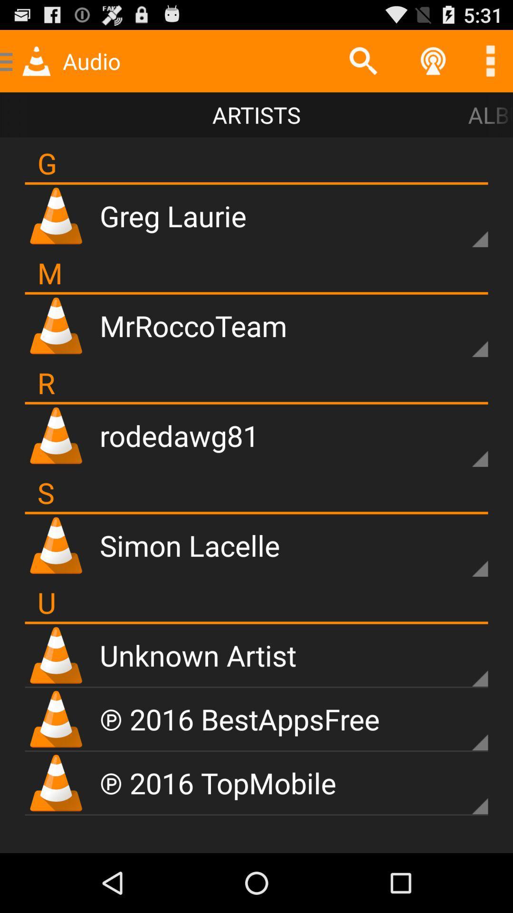  What do you see at coordinates (463, 726) in the screenshot?
I see `see drop down menu` at bounding box center [463, 726].